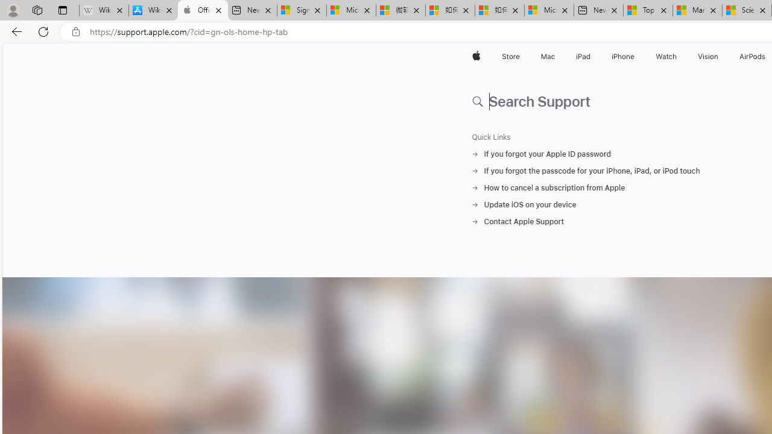 This screenshot has width=772, height=434. Describe the element at coordinates (593, 56) in the screenshot. I see `'iPad menu'` at that location.